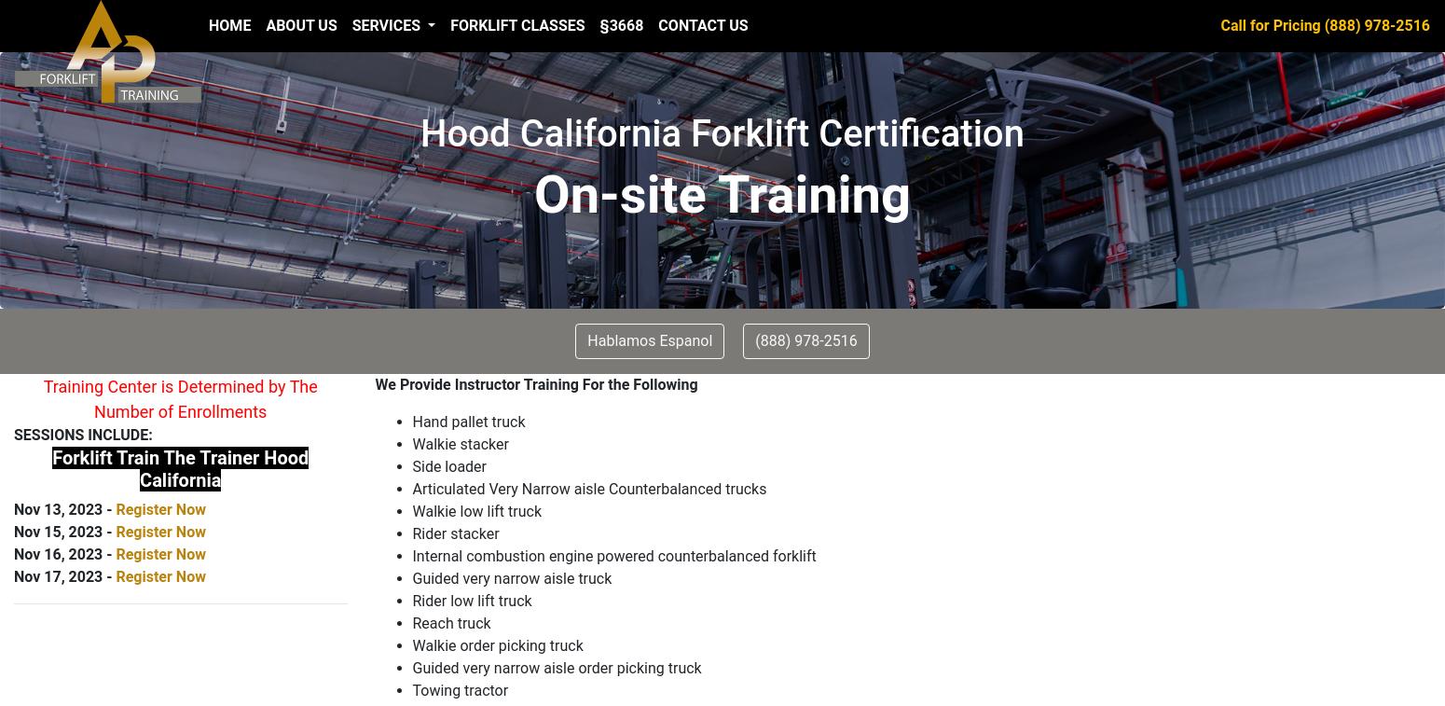 This screenshot has width=1445, height=706. Describe the element at coordinates (703, 24) in the screenshot. I see `'Contact us'` at that location.